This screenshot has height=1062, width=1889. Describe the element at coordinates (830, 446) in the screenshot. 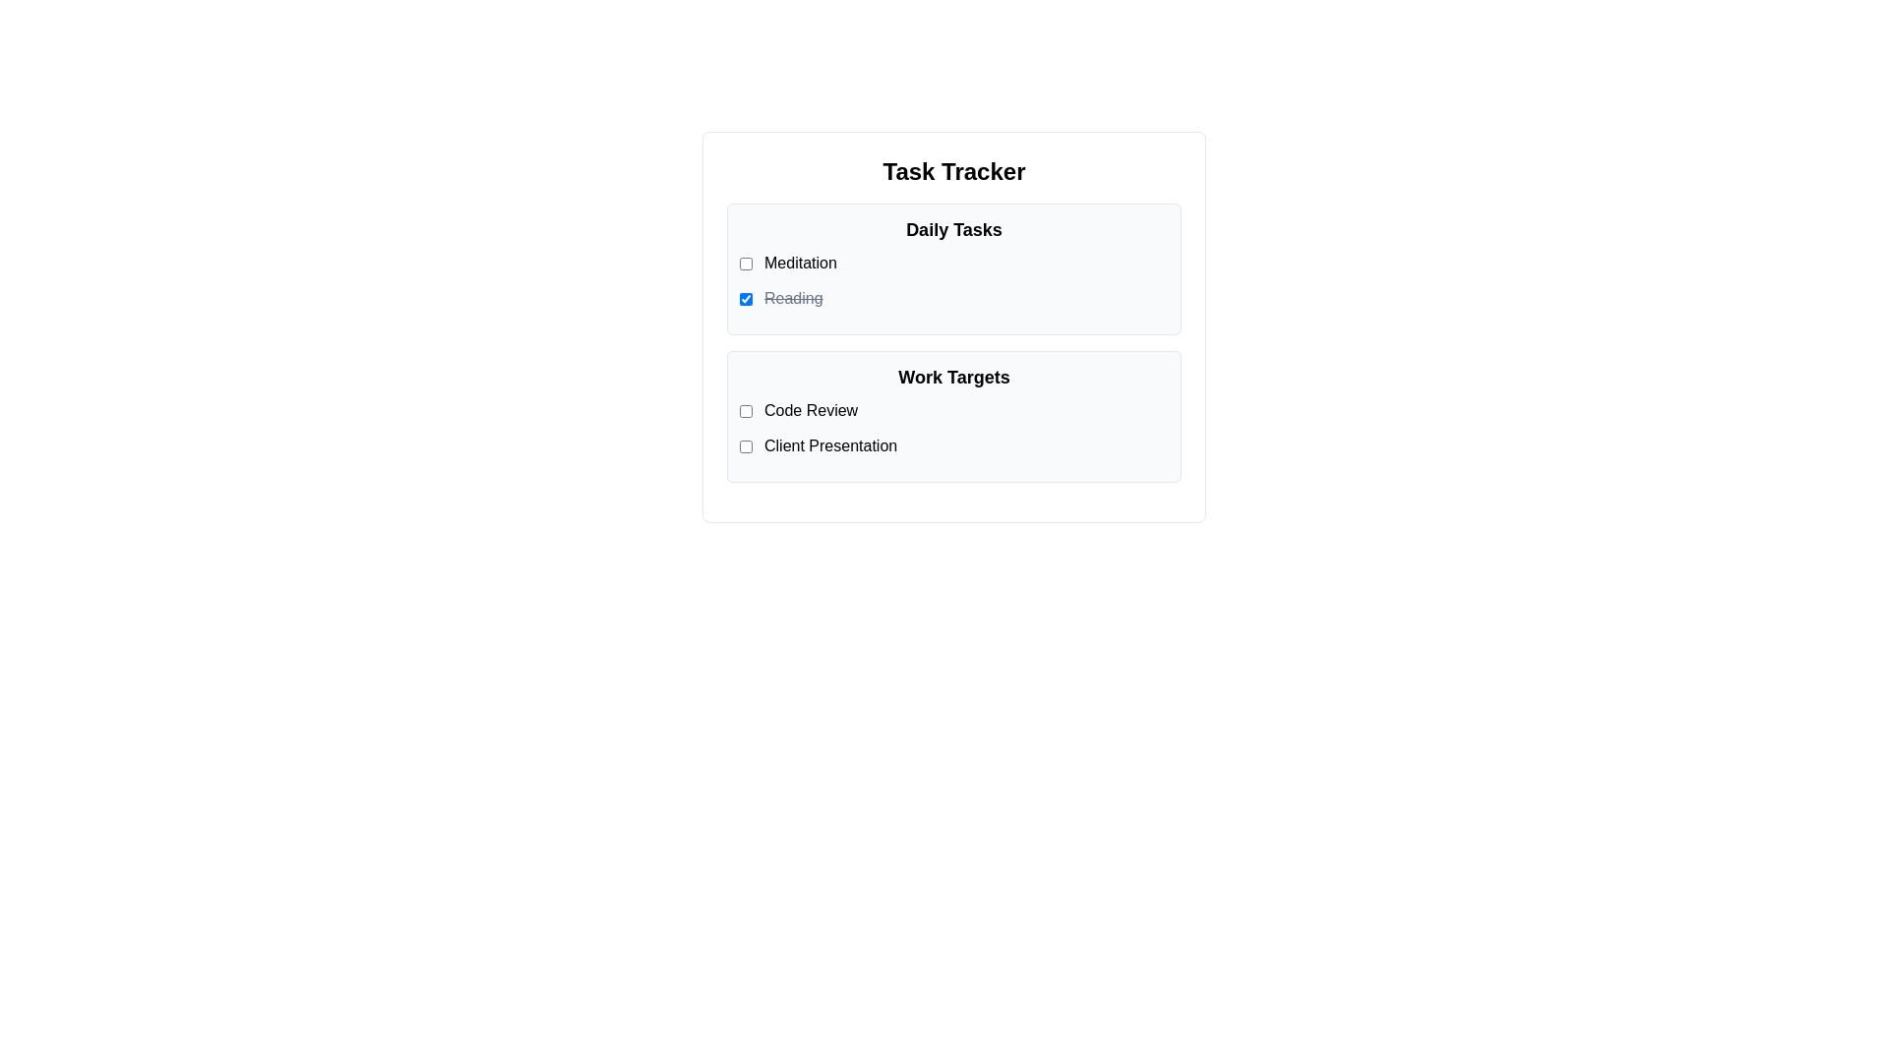

I see `the descriptive text label located in the 'Work Targets' section, which identifies the task corresponding to the checkbox, positioned below the 'Code Review' task` at that location.